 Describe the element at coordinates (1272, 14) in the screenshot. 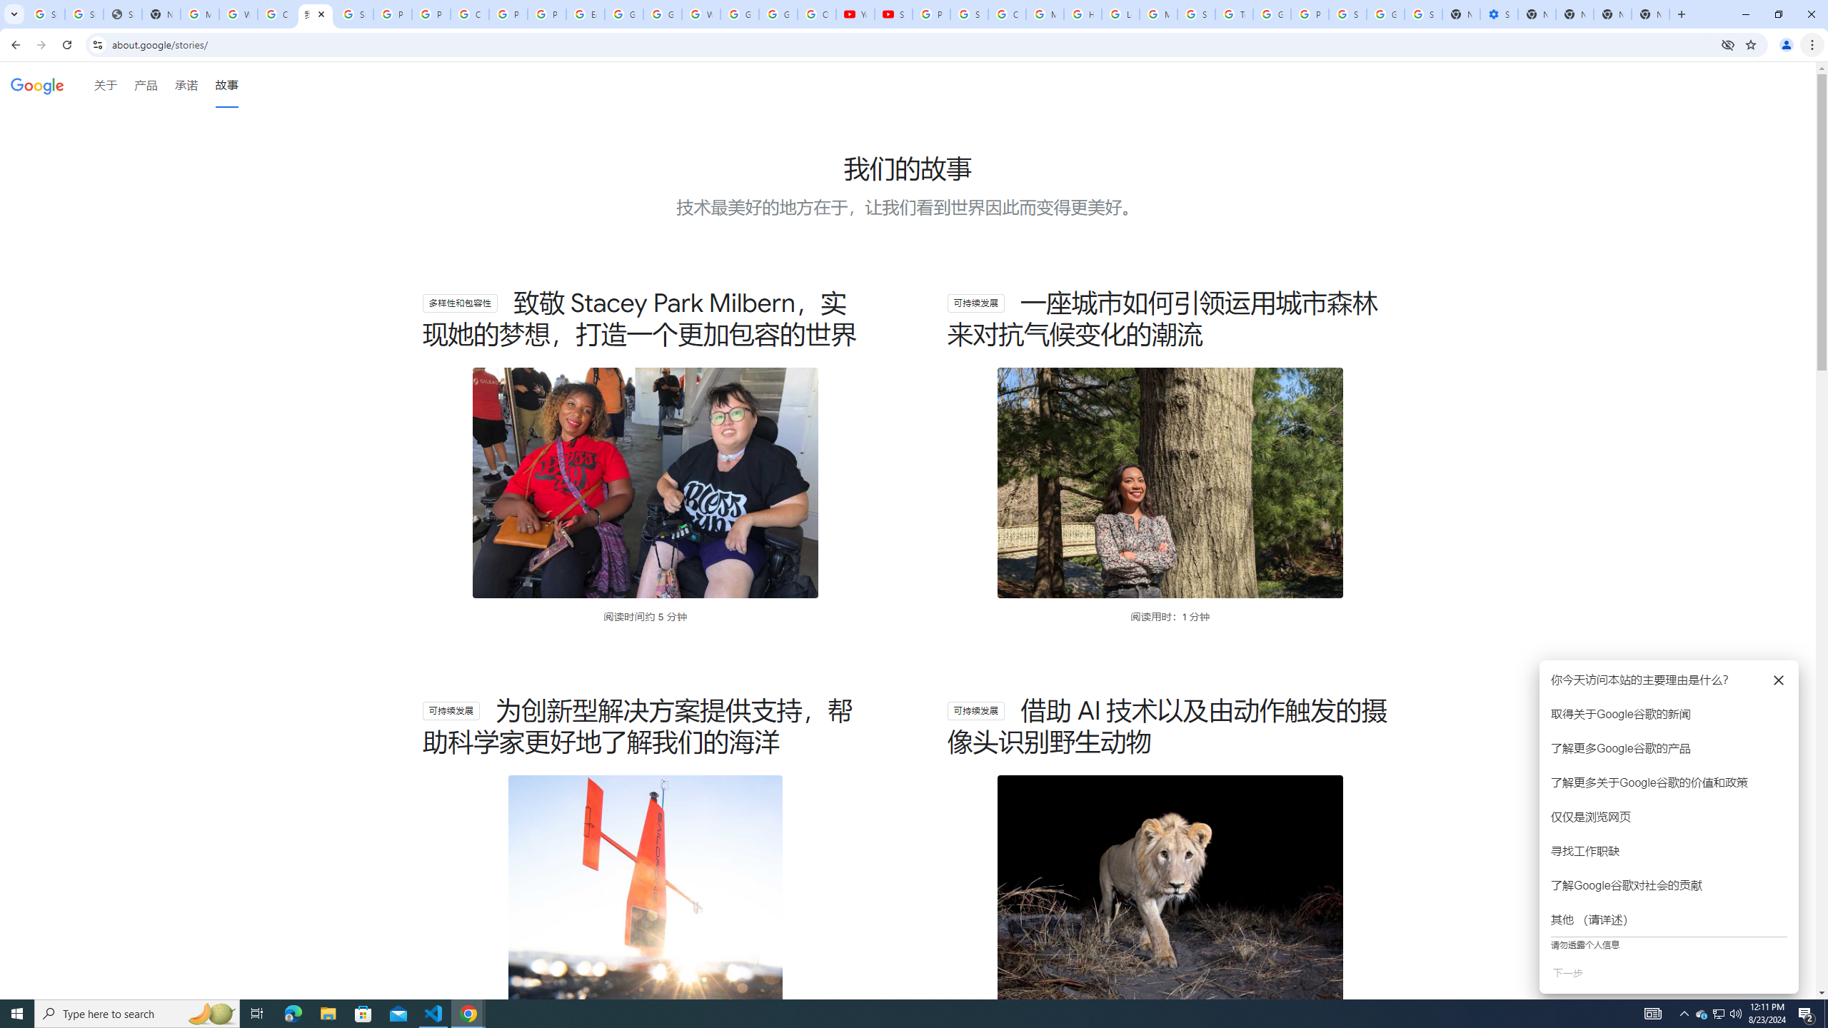

I see `'Google Ads - Sign in'` at that location.